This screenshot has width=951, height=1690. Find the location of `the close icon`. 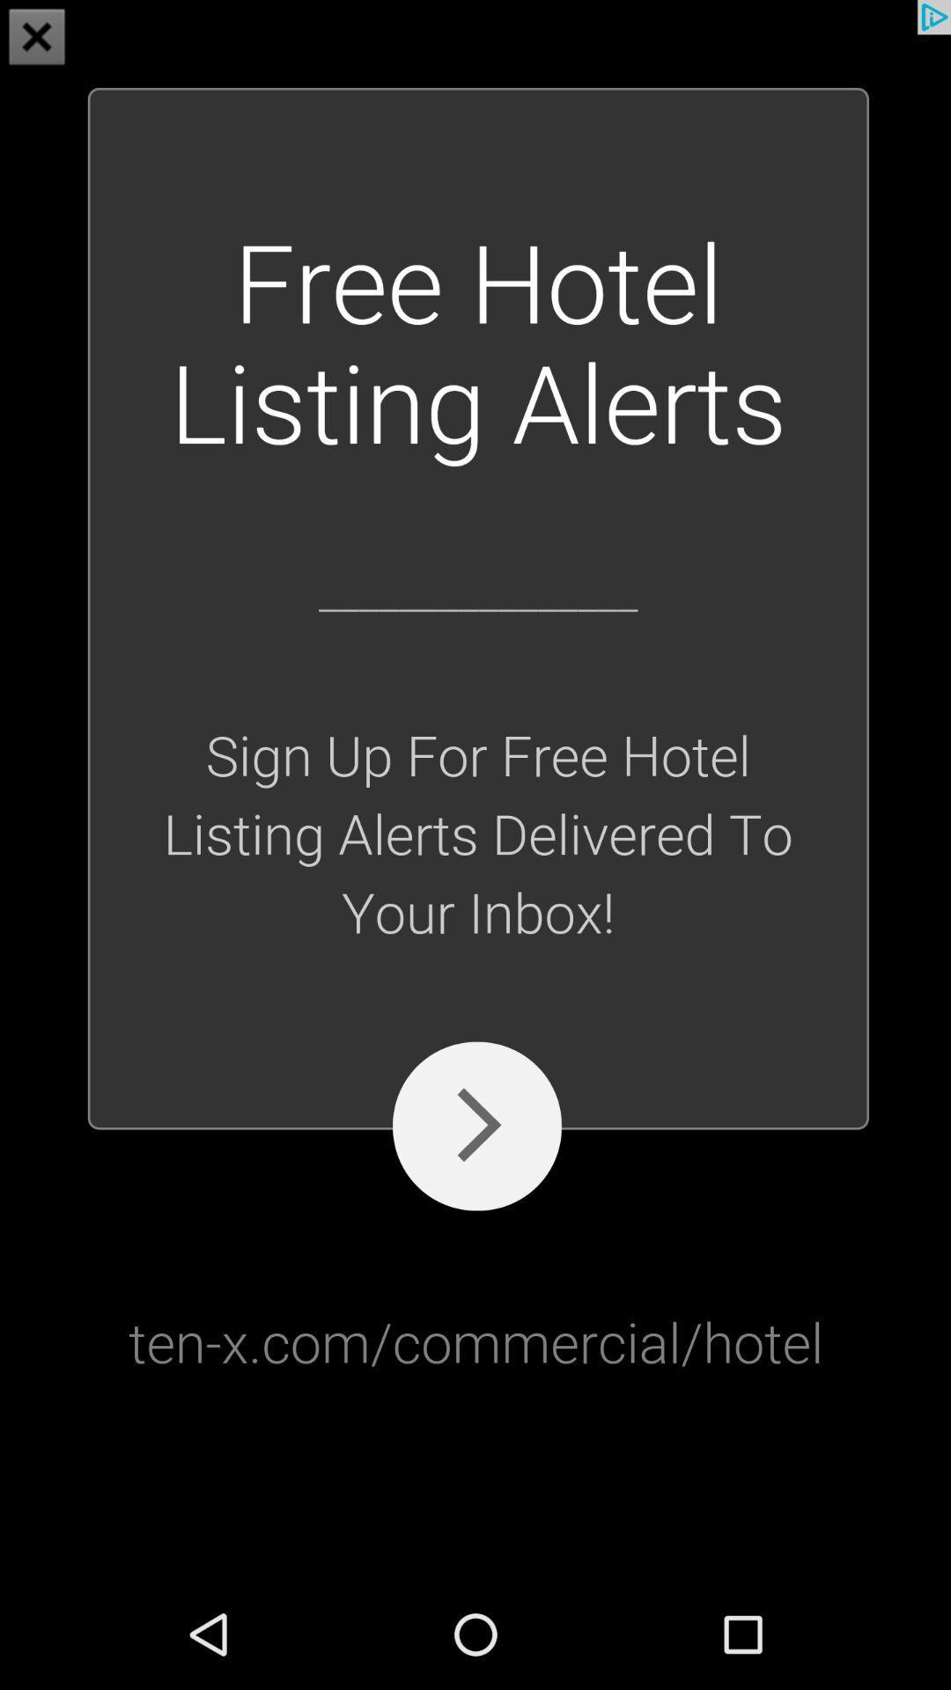

the close icon is located at coordinates (37, 39).